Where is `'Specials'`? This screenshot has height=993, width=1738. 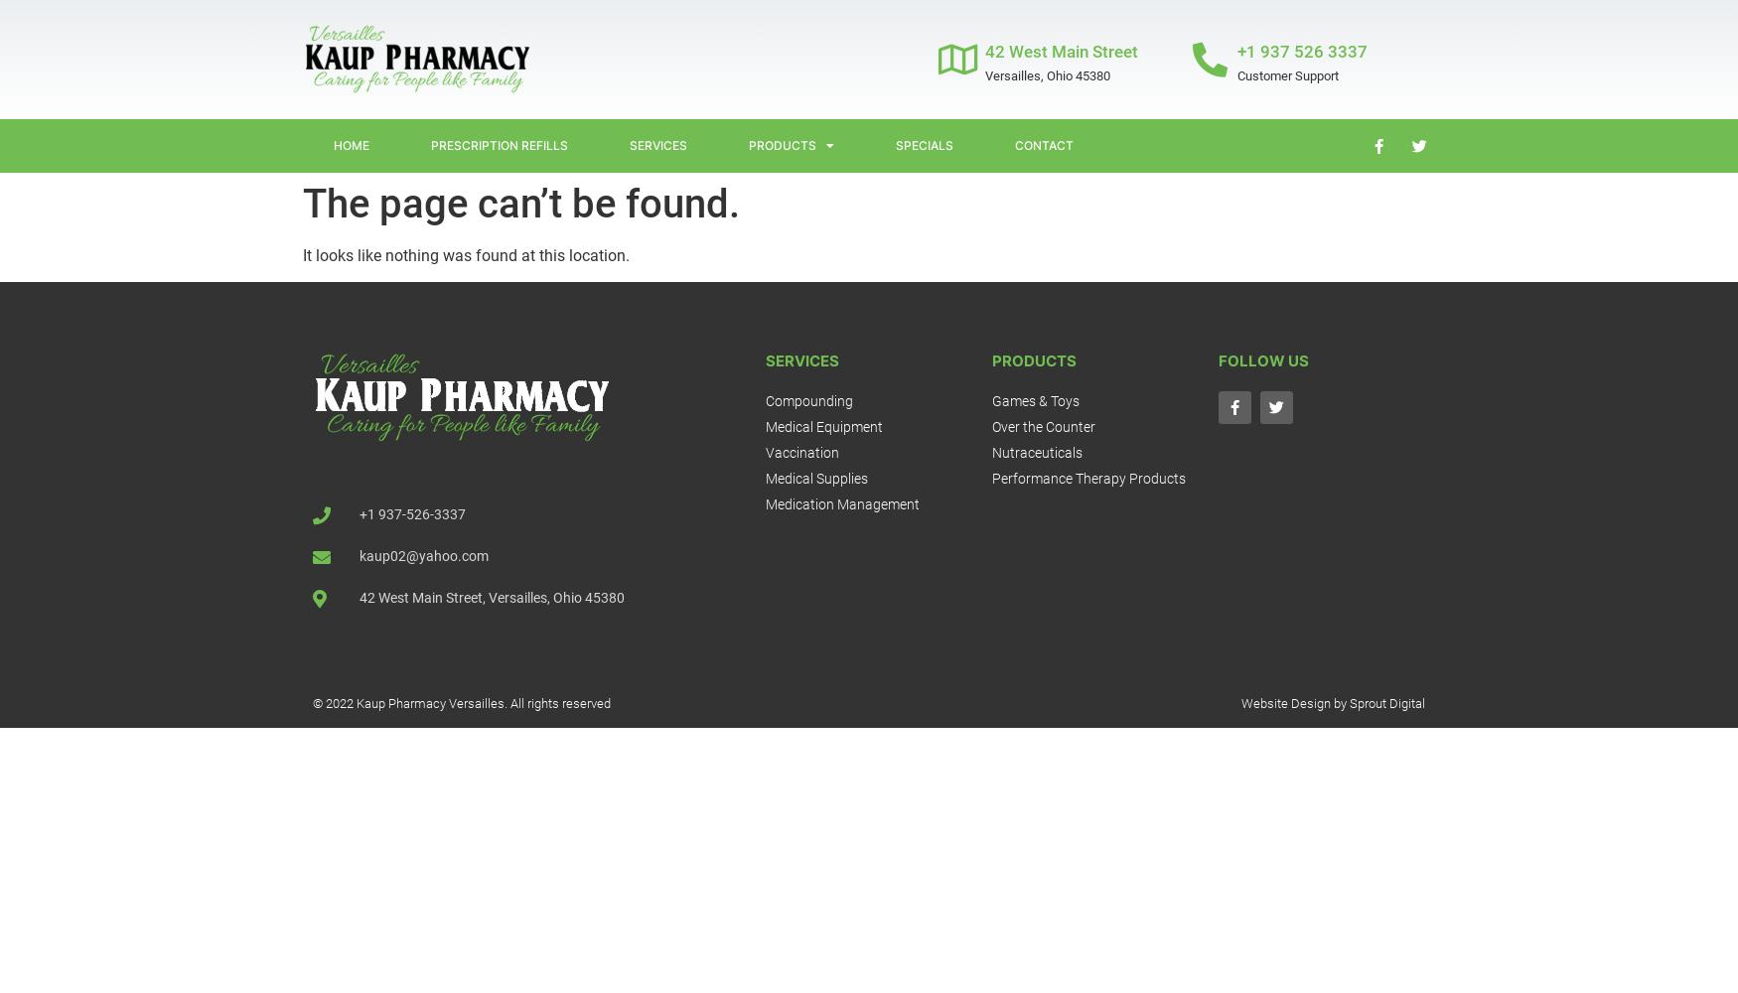
'Specials' is located at coordinates (924, 145).